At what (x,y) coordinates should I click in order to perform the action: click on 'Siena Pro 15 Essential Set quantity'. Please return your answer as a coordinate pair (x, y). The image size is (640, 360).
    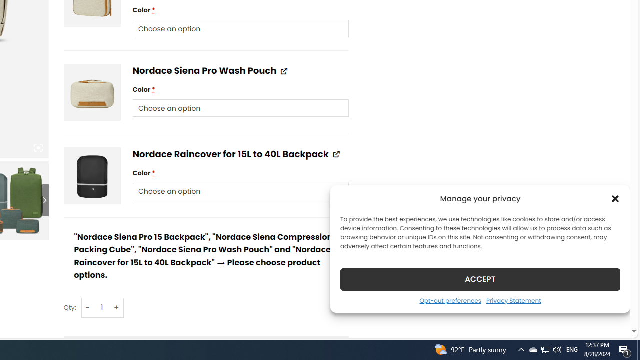
    Looking at the image, I should click on (102, 307).